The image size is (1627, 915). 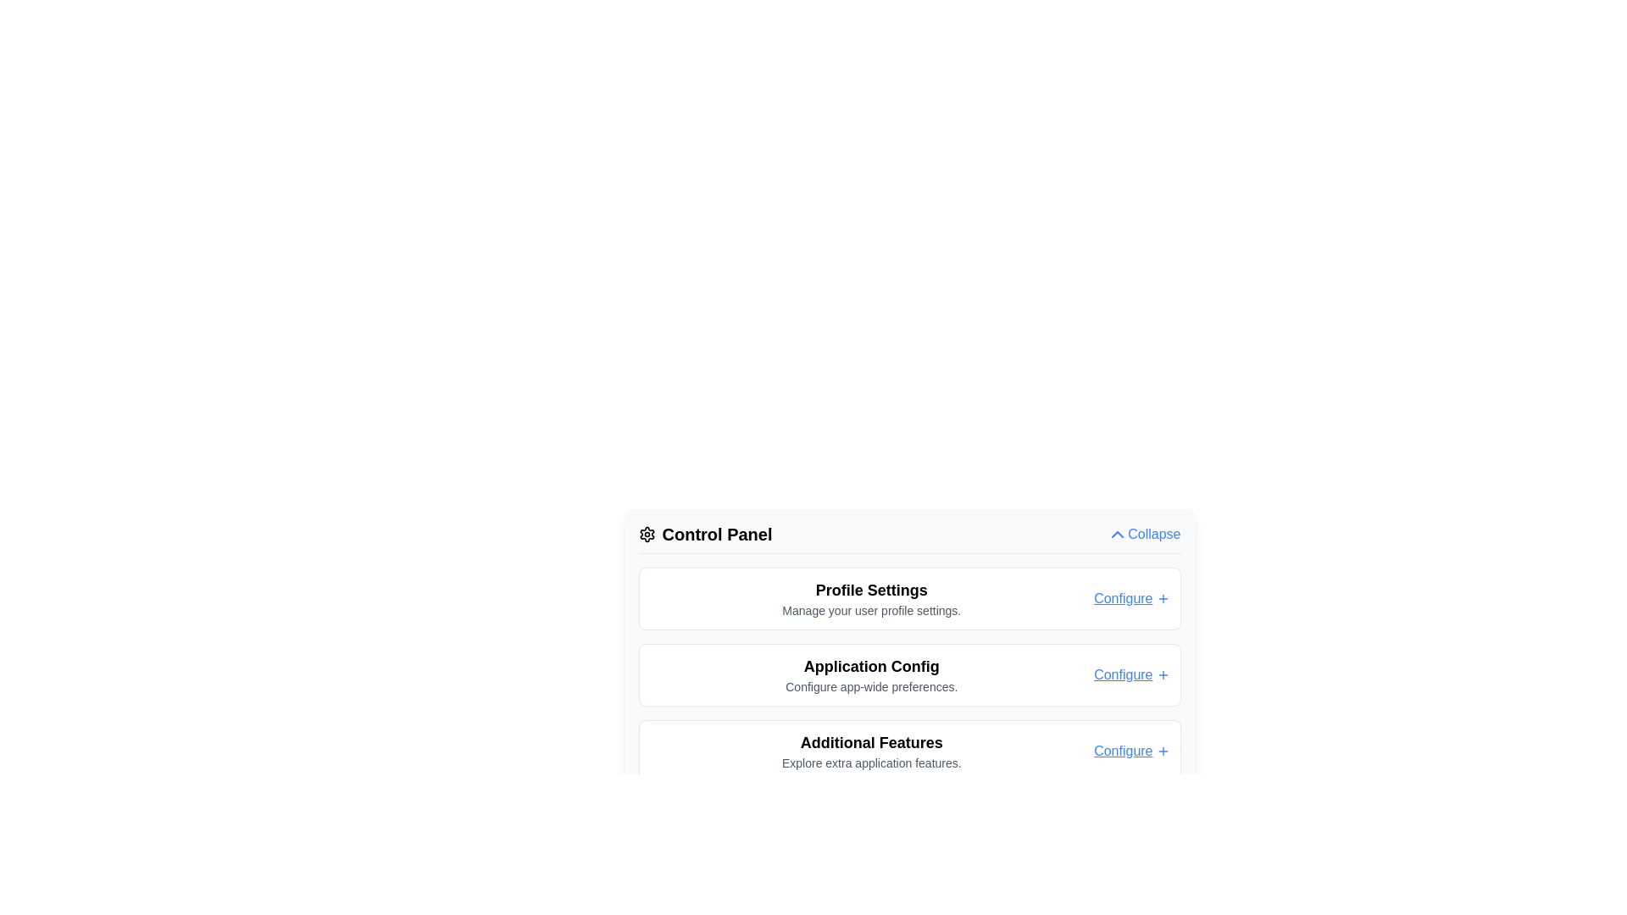 What do you see at coordinates (908, 751) in the screenshot?
I see `title and description of the Box with text content and an interactive link located as the third item in the Control Panel section, below 'Profile Settings' and 'Application Config'` at bounding box center [908, 751].